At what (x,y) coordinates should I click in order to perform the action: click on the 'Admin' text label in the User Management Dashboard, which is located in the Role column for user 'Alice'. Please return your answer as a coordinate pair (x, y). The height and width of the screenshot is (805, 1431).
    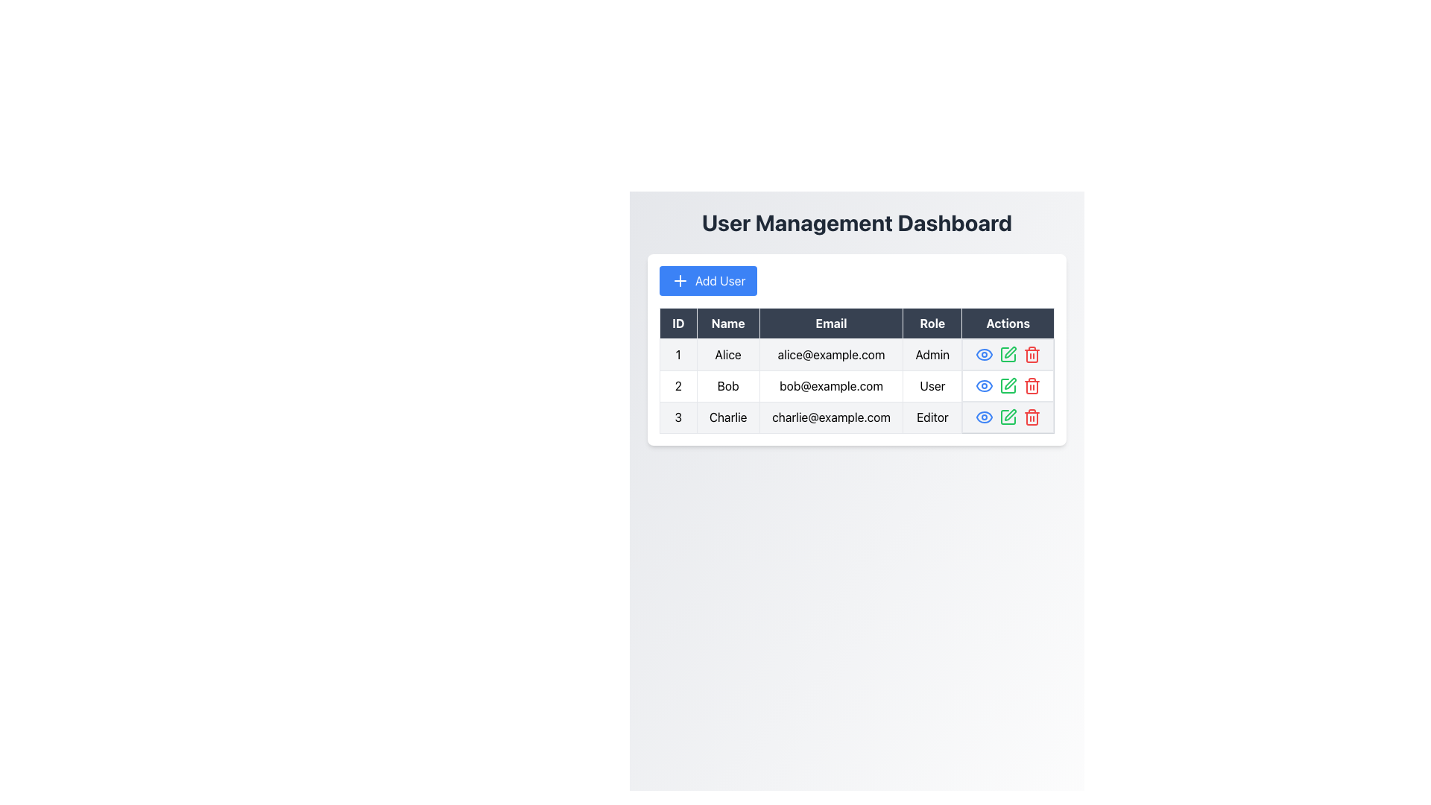
    Looking at the image, I should click on (932, 354).